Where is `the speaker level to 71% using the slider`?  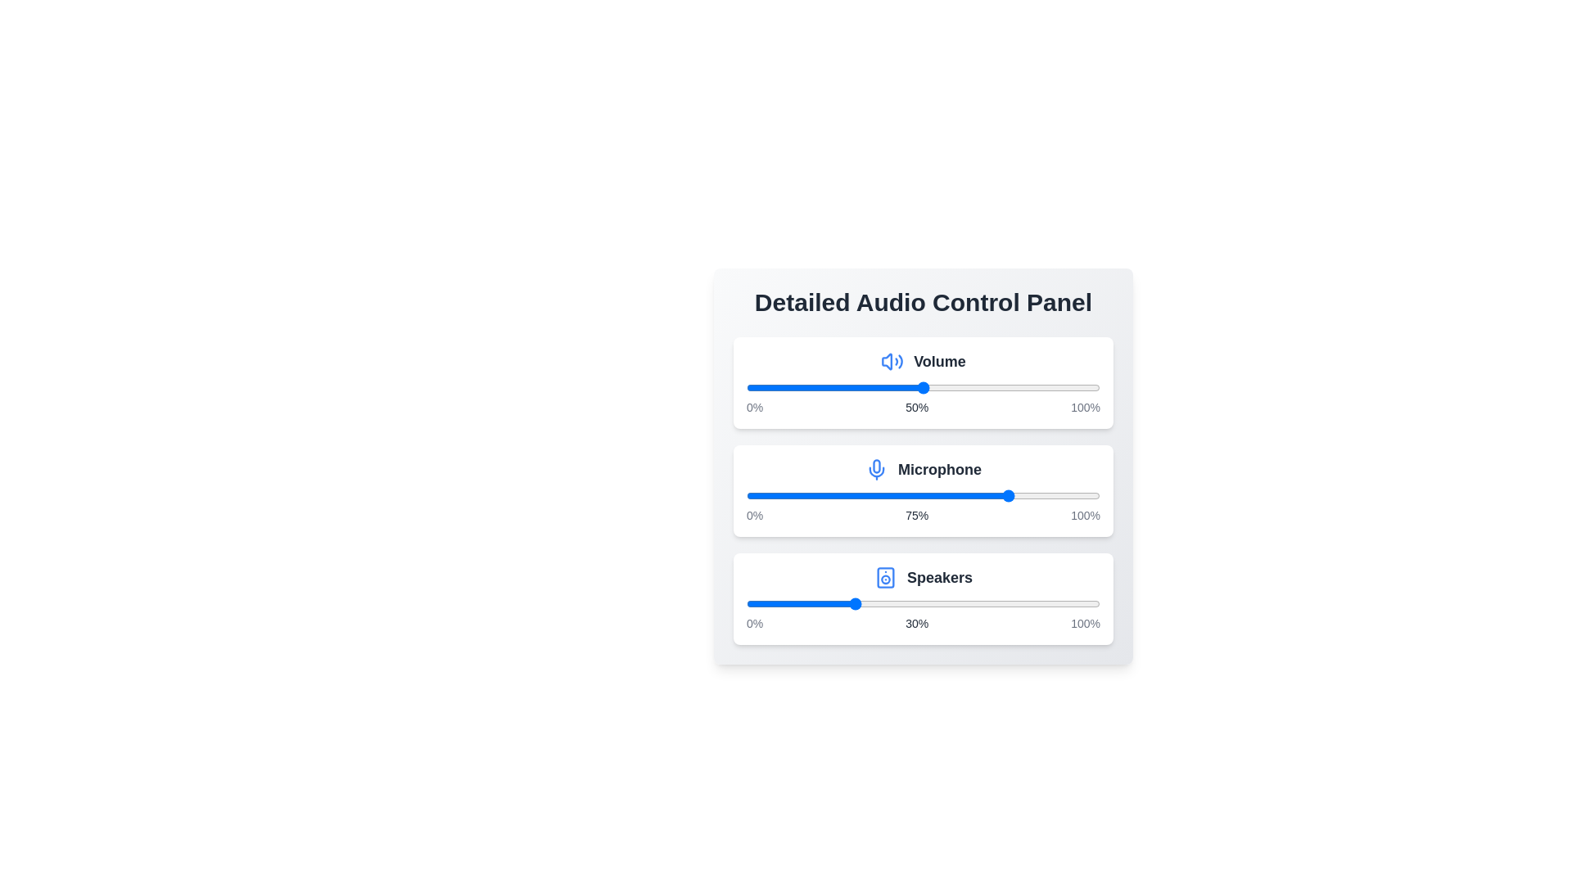 the speaker level to 71% using the slider is located at coordinates (996, 603).